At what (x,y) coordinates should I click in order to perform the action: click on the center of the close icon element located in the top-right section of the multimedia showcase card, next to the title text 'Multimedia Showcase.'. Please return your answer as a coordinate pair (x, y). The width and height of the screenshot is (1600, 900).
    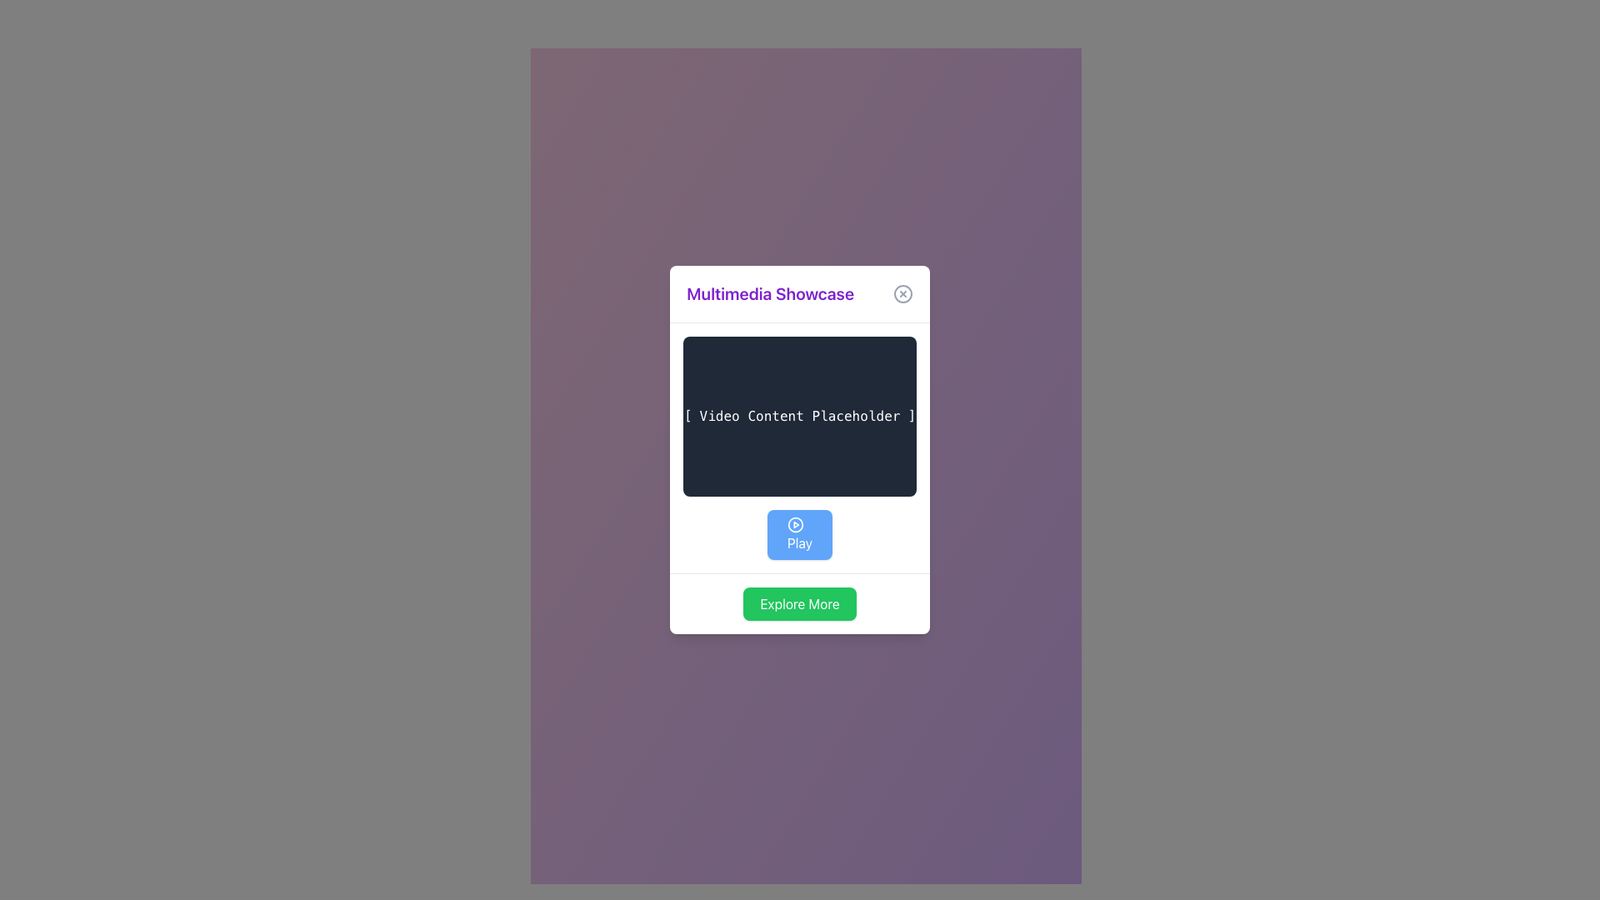
    Looking at the image, I should click on (902, 293).